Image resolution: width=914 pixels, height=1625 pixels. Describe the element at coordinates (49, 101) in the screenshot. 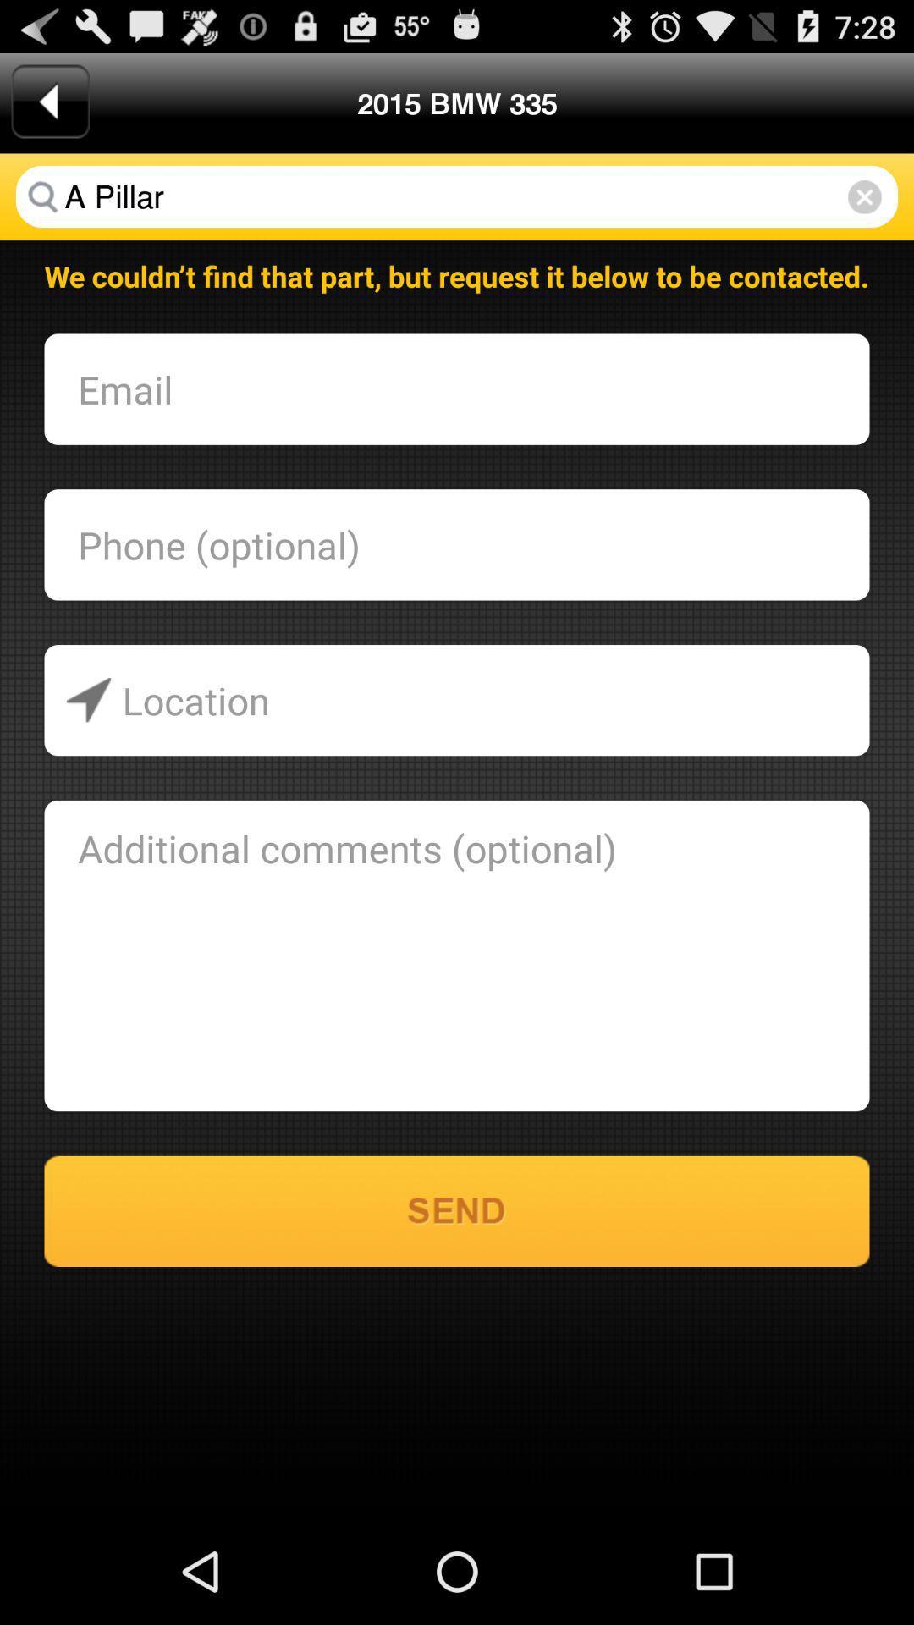

I see `the app above the a pillar item` at that location.